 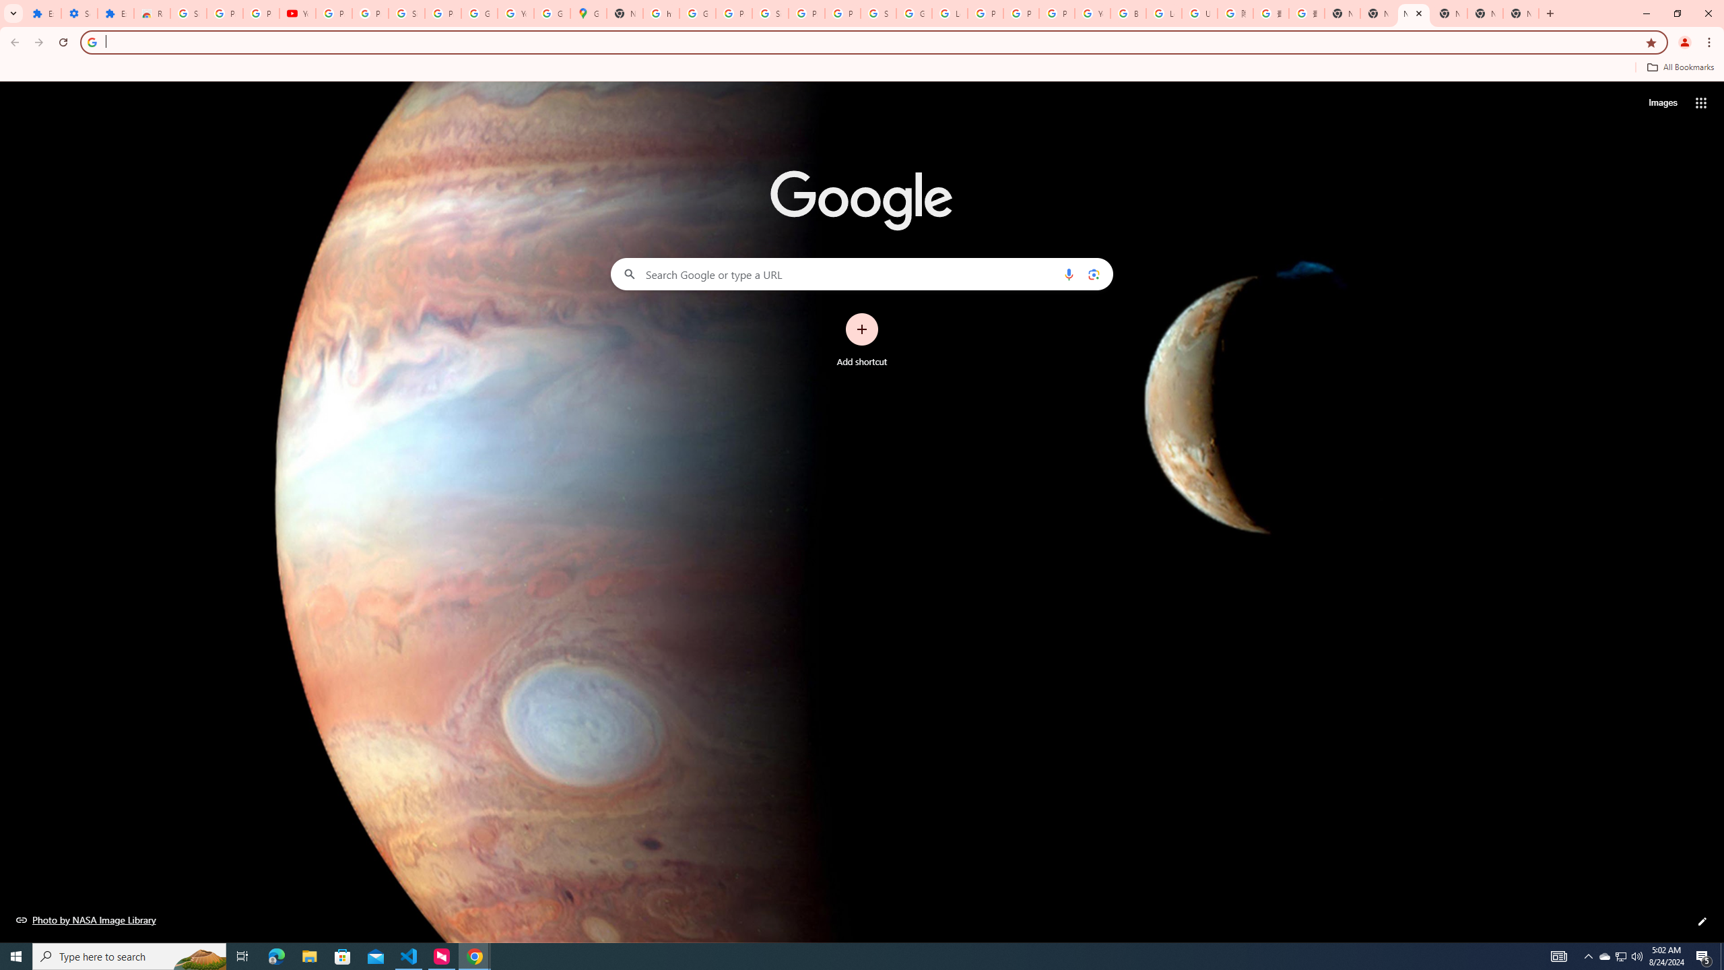 What do you see at coordinates (862, 340) in the screenshot?
I see `'Add shortcut'` at bounding box center [862, 340].